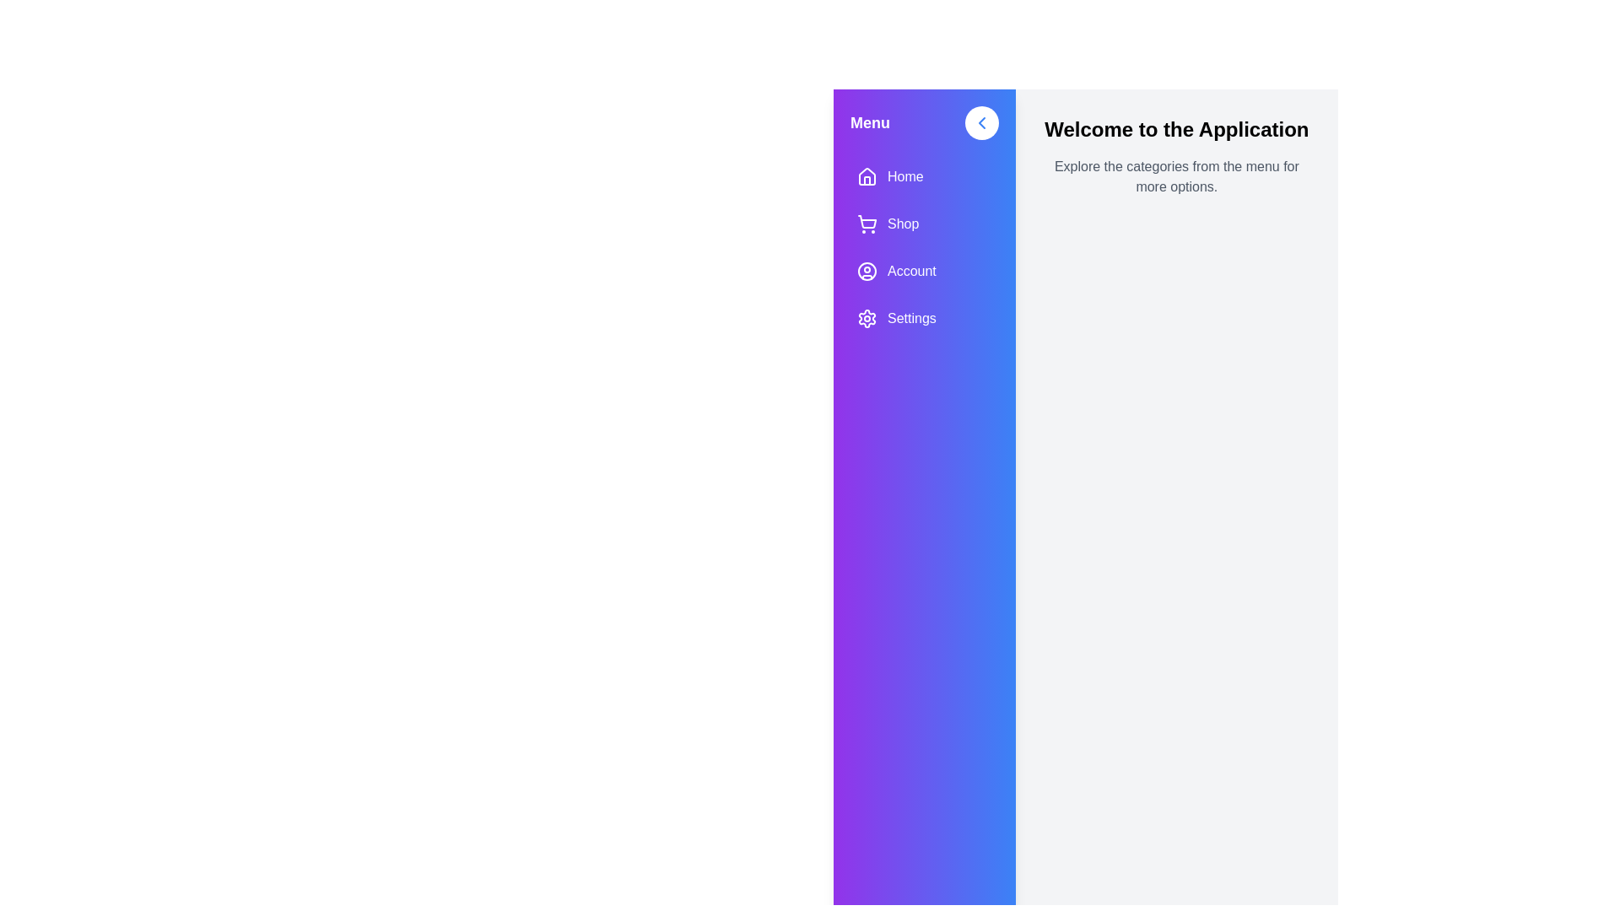 This screenshot has width=1620, height=911. I want to click on the Home icon located at the top of the sidebar menu, so click(867, 176).